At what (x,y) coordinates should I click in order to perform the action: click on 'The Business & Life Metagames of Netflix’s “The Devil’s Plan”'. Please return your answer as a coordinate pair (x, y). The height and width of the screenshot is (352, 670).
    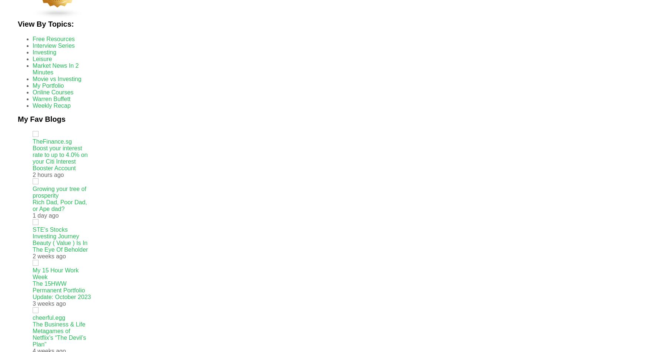
    Looking at the image, I should click on (59, 334).